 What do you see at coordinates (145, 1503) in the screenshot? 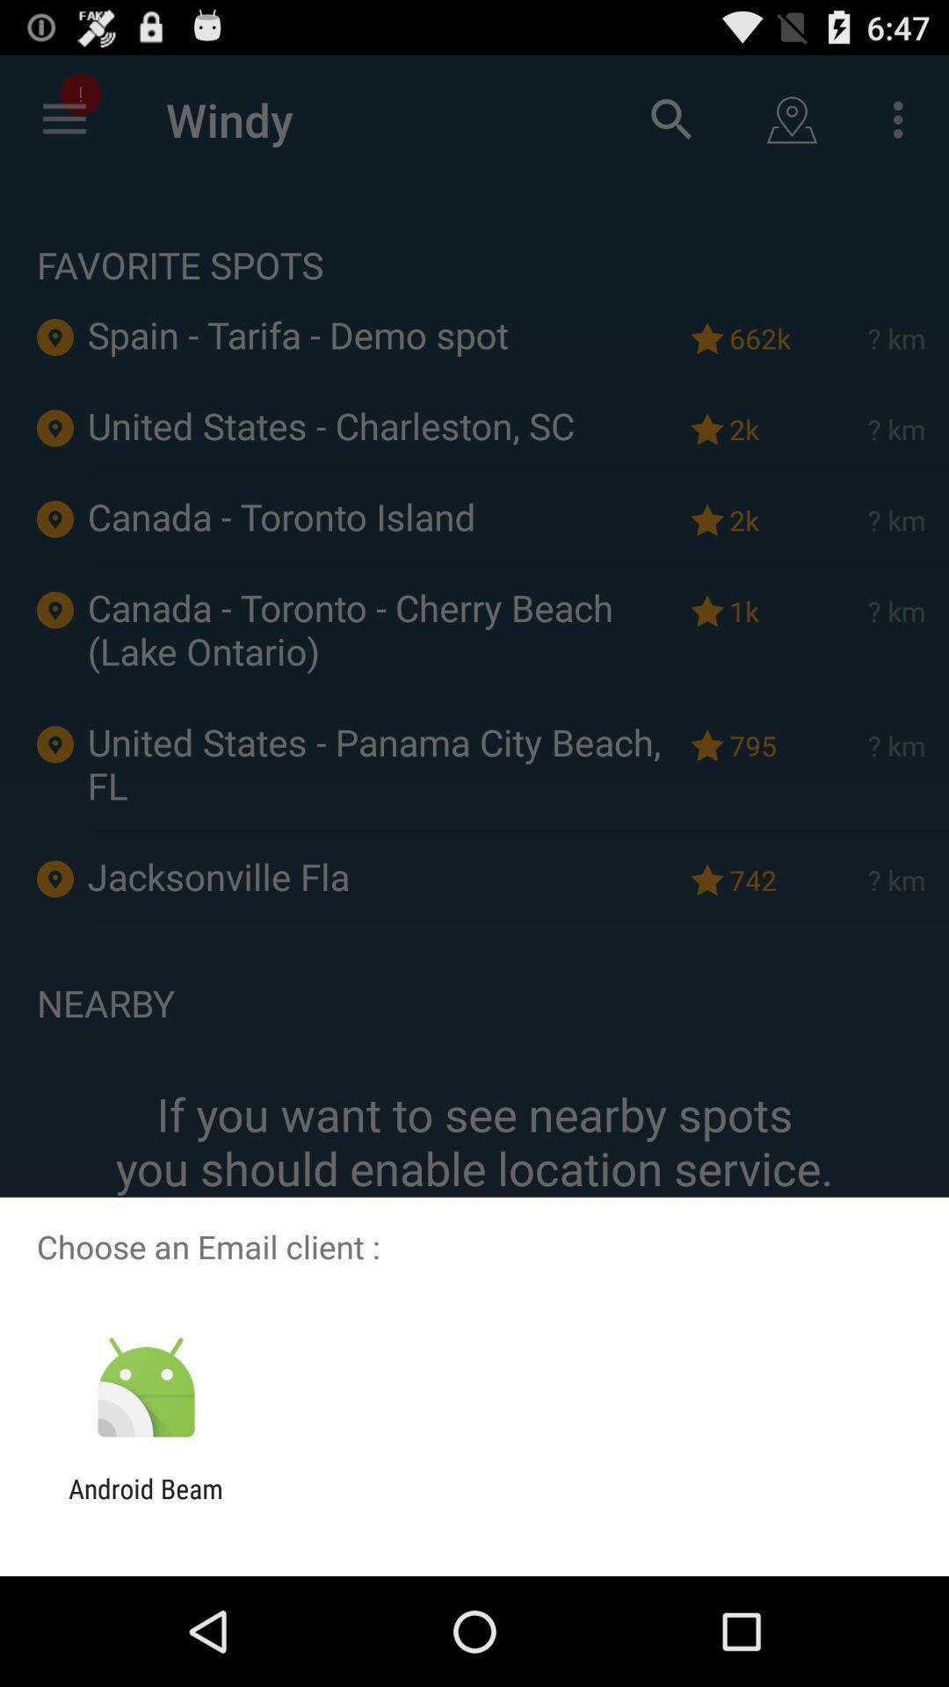
I see `android beam icon` at bounding box center [145, 1503].